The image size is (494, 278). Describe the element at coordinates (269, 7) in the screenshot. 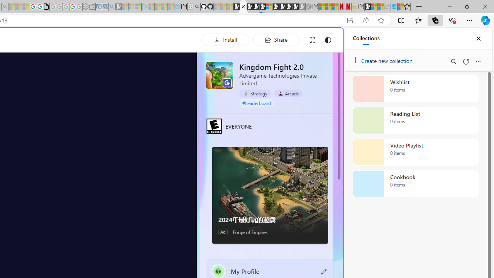

I see `'Sign in to your account'` at that location.